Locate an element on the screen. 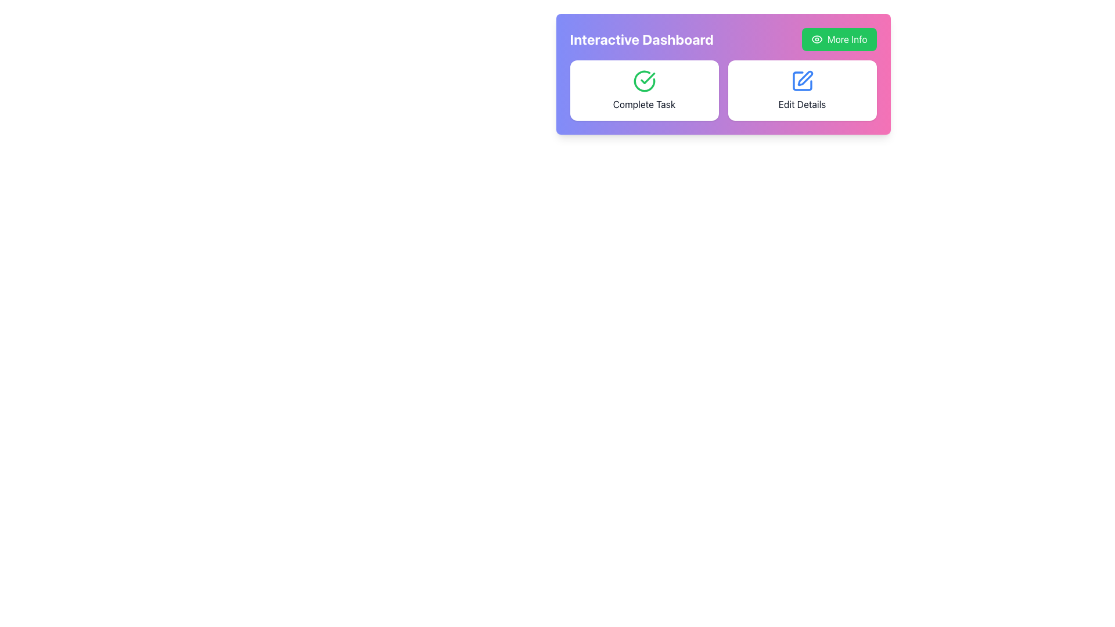 The height and width of the screenshot is (627, 1115). the outer oval of the eye icon, which is part of the composite icon indicating visibility, located at the upper right of the 'Interactive Dashboard' box is located at coordinates (816, 39).